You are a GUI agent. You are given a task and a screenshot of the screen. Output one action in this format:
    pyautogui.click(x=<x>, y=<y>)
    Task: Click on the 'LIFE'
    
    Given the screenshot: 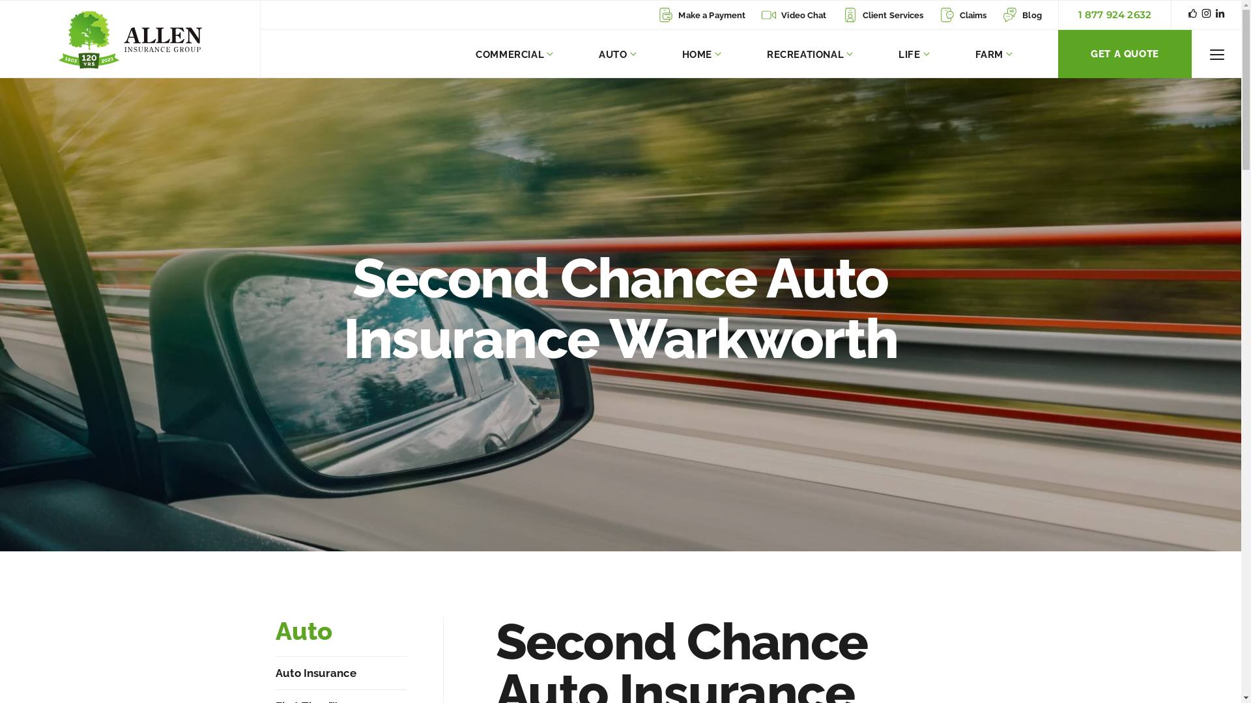 What is the action you would take?
    pyautogui.click(x=913, y=53)
    